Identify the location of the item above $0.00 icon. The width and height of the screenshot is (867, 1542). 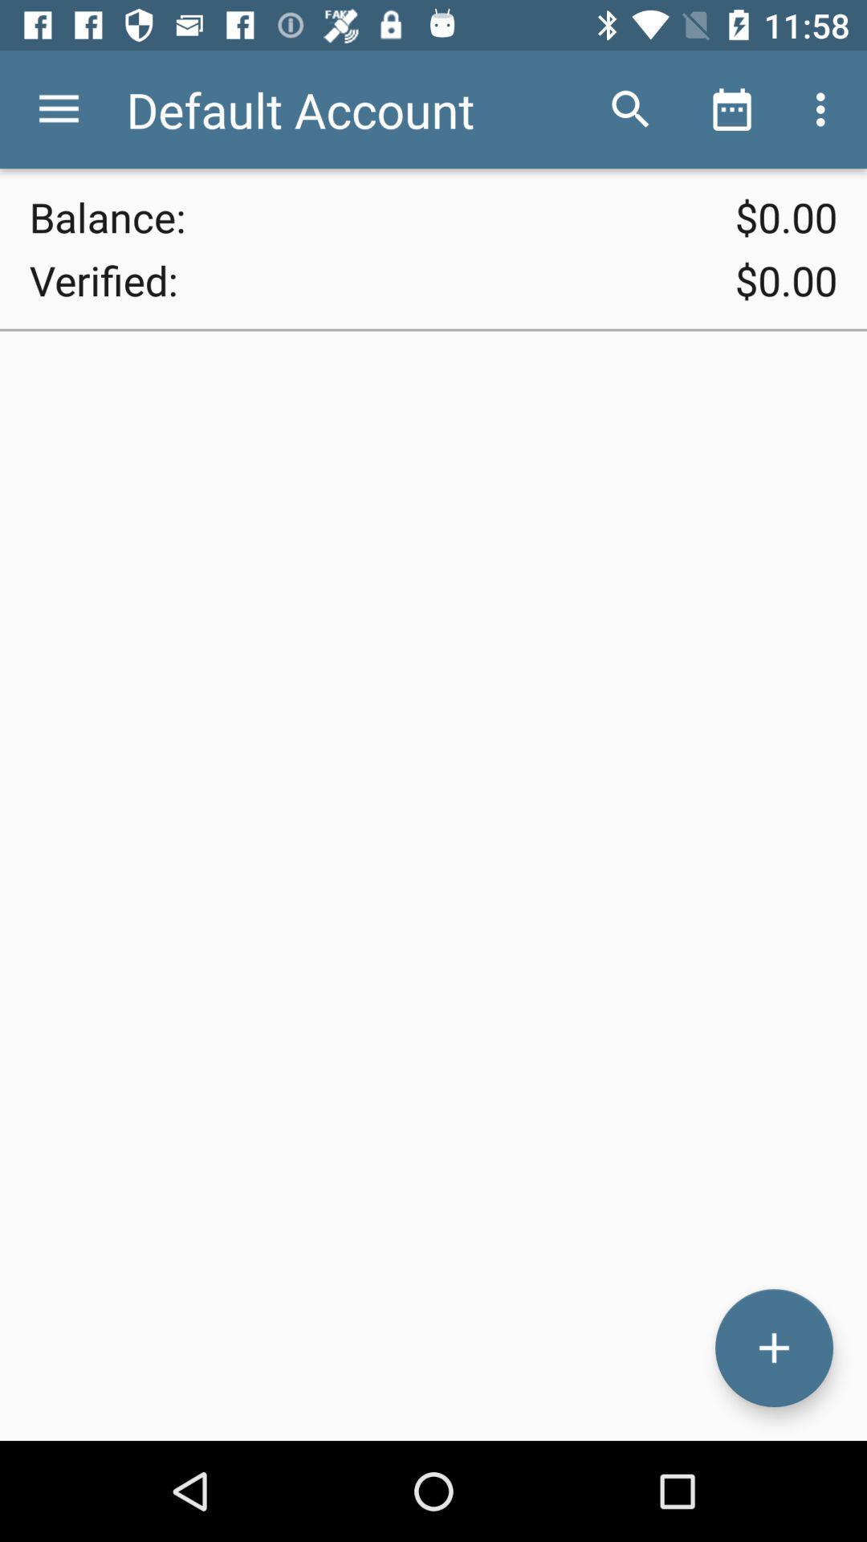
(731, 108).